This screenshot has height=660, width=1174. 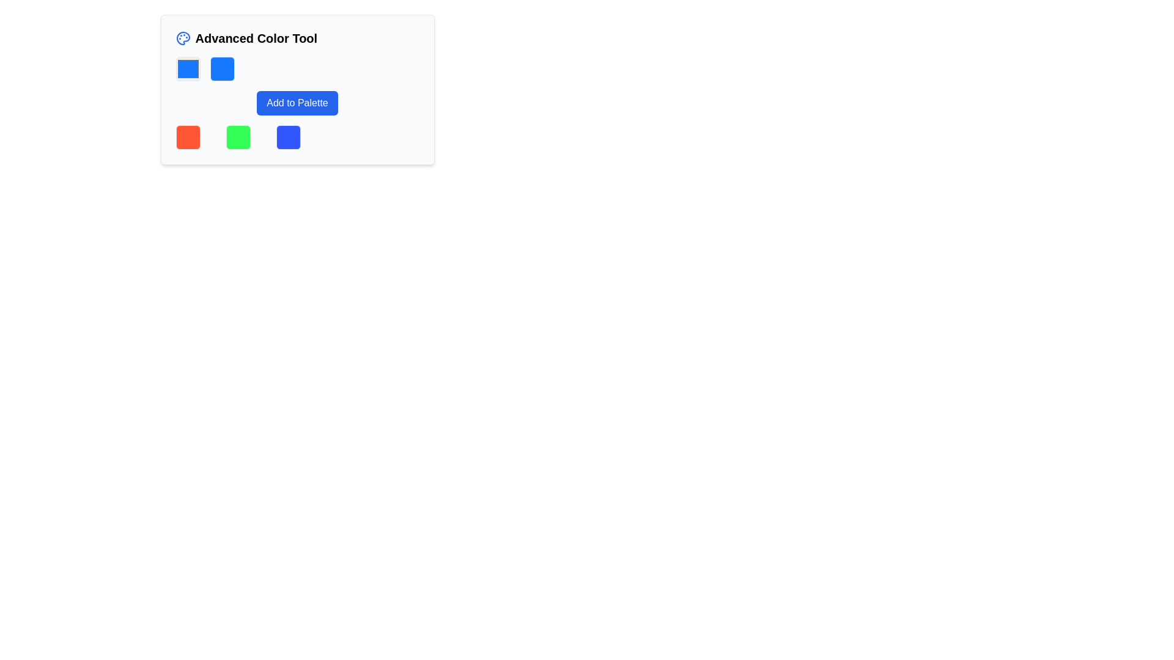 I want to click on the button located in the lower-center area of the 'Advanced Color Tool' card, so click(x=297, y=103).